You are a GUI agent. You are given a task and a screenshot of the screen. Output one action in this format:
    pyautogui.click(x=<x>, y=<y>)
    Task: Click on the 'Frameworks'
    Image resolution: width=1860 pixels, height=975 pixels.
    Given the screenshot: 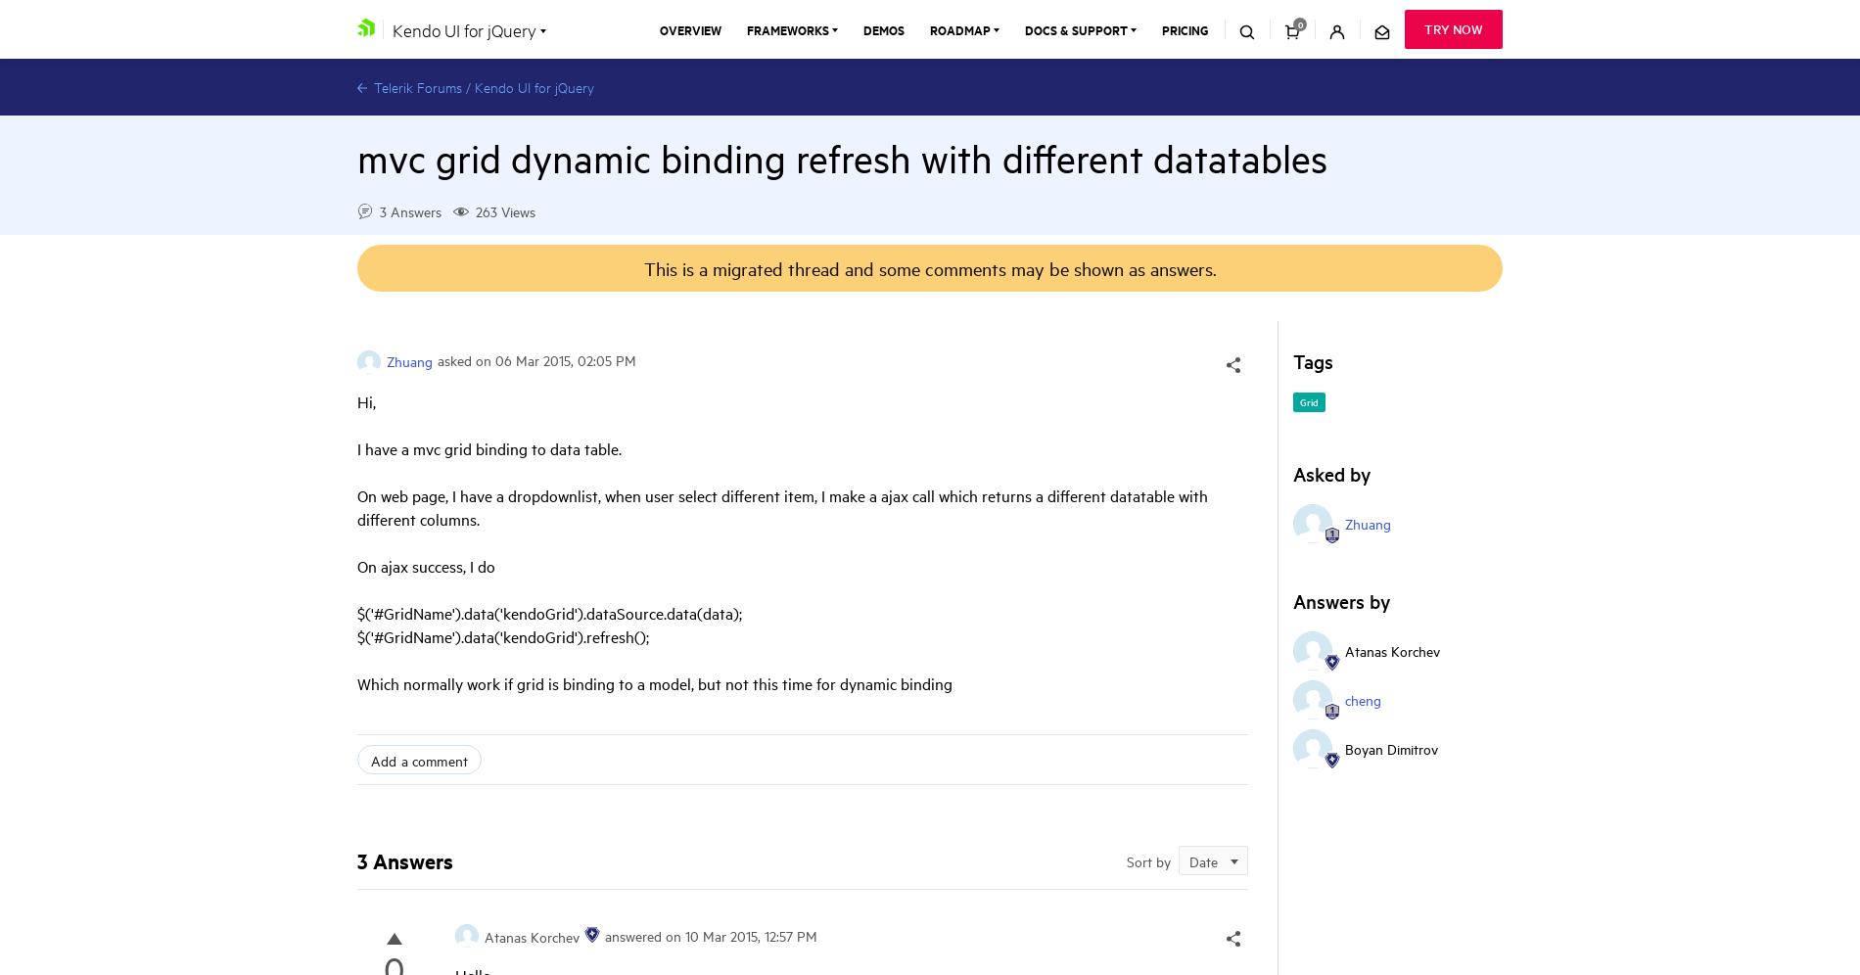 What is the action you would take?
    pyautogui.click(x=788, y=28)
    